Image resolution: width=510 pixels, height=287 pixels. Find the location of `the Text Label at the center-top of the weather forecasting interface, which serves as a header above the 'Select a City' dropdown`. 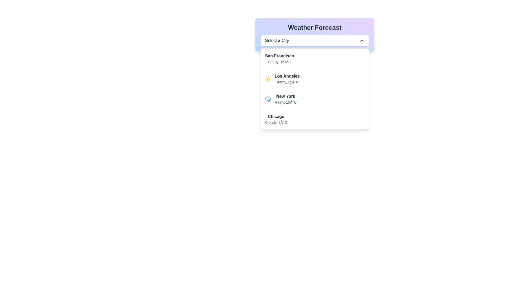

the Text Label at the center-top of the weather forecasting interface, which serves as a header above the 'Select a City' dropdown is located at coordinates (315, 28).